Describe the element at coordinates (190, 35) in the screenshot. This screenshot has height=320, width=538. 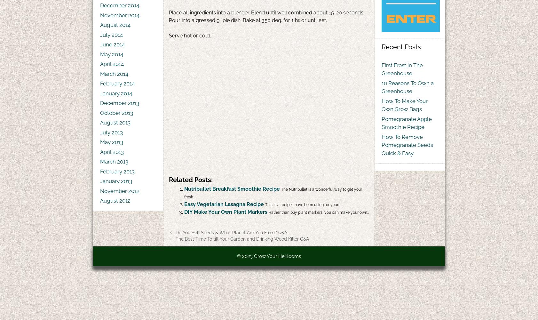
I see `'Serve hot or cold.'` at that location.